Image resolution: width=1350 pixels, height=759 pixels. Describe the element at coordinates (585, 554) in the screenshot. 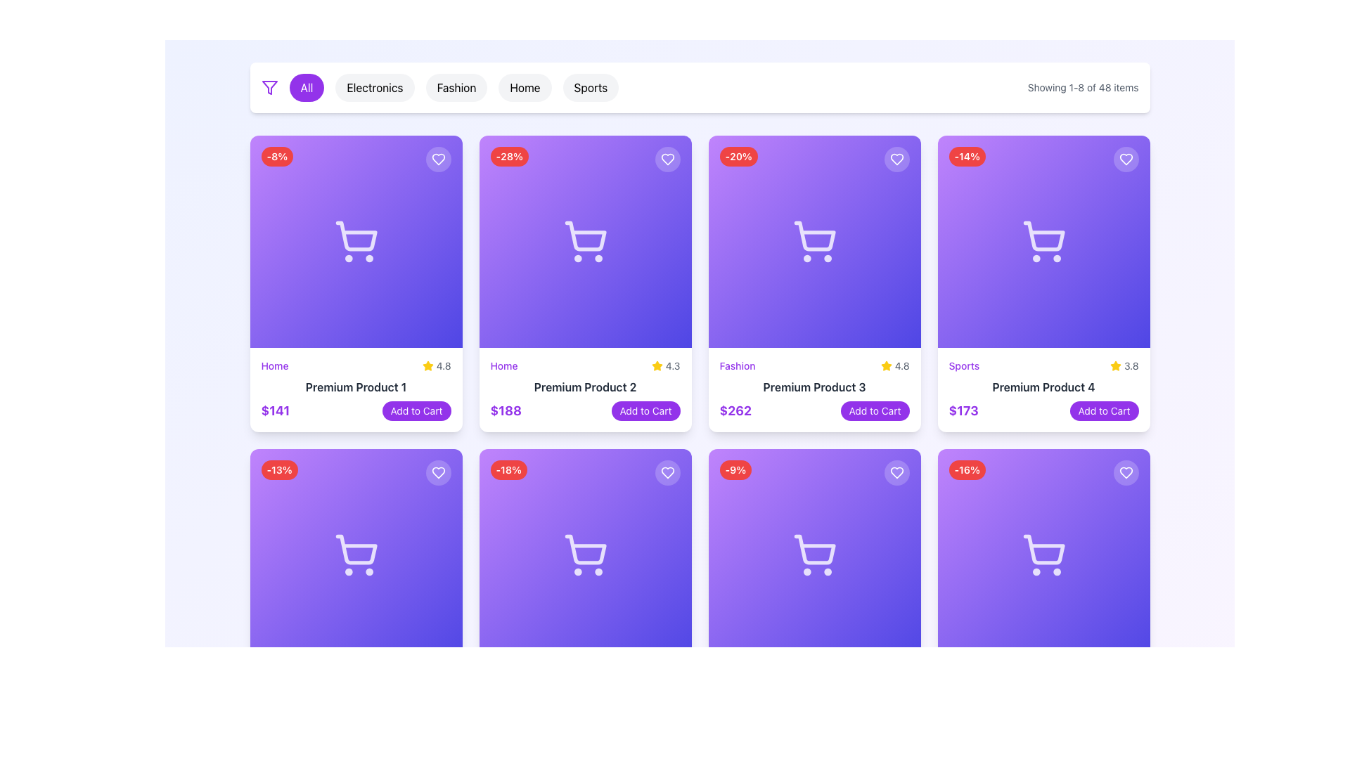

I see `the shopping cart icon, which is a white vector illustration centered on a purple gradient background within a card-like display in the grid layout` at that location.